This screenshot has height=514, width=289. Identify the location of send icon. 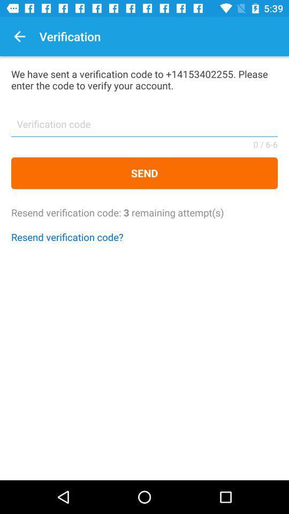
(144, 173).